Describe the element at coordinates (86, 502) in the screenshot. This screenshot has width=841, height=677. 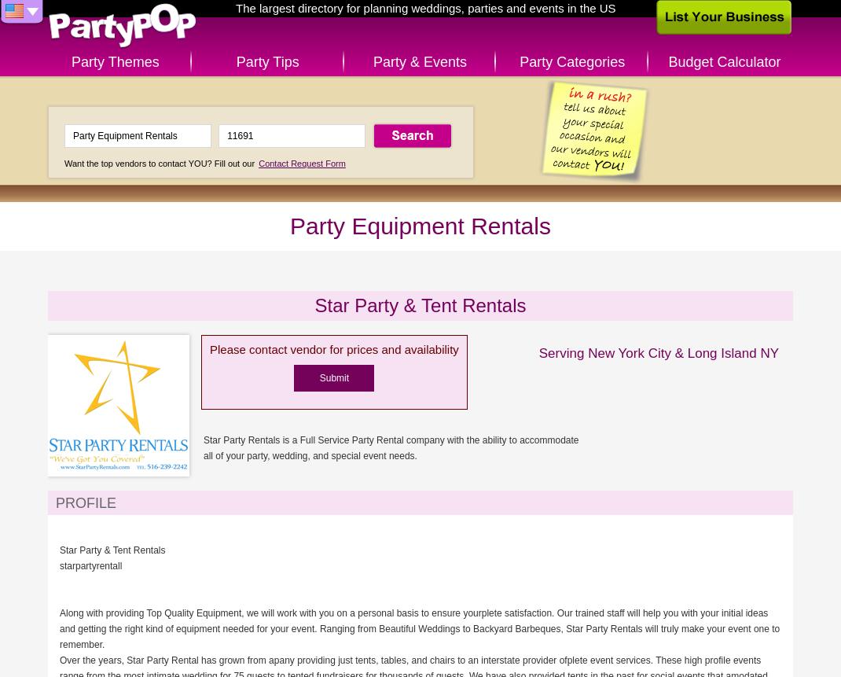
I see `'Profile'` at that location.